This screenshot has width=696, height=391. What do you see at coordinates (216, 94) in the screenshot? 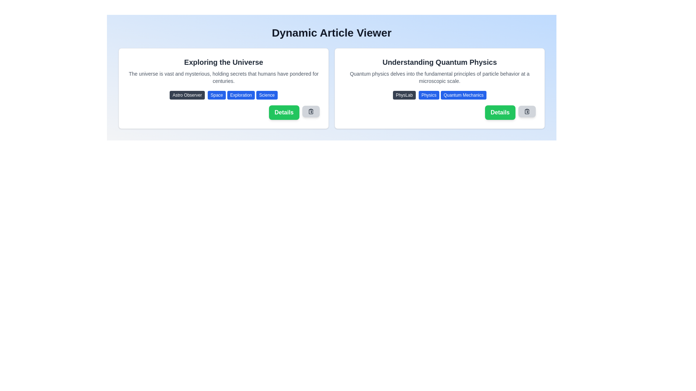
I see `the blue badge labeled 'Space' within the 'Exploring the Universe' panel, which is the second badge among four in the row` at bounding box center [216, 94].